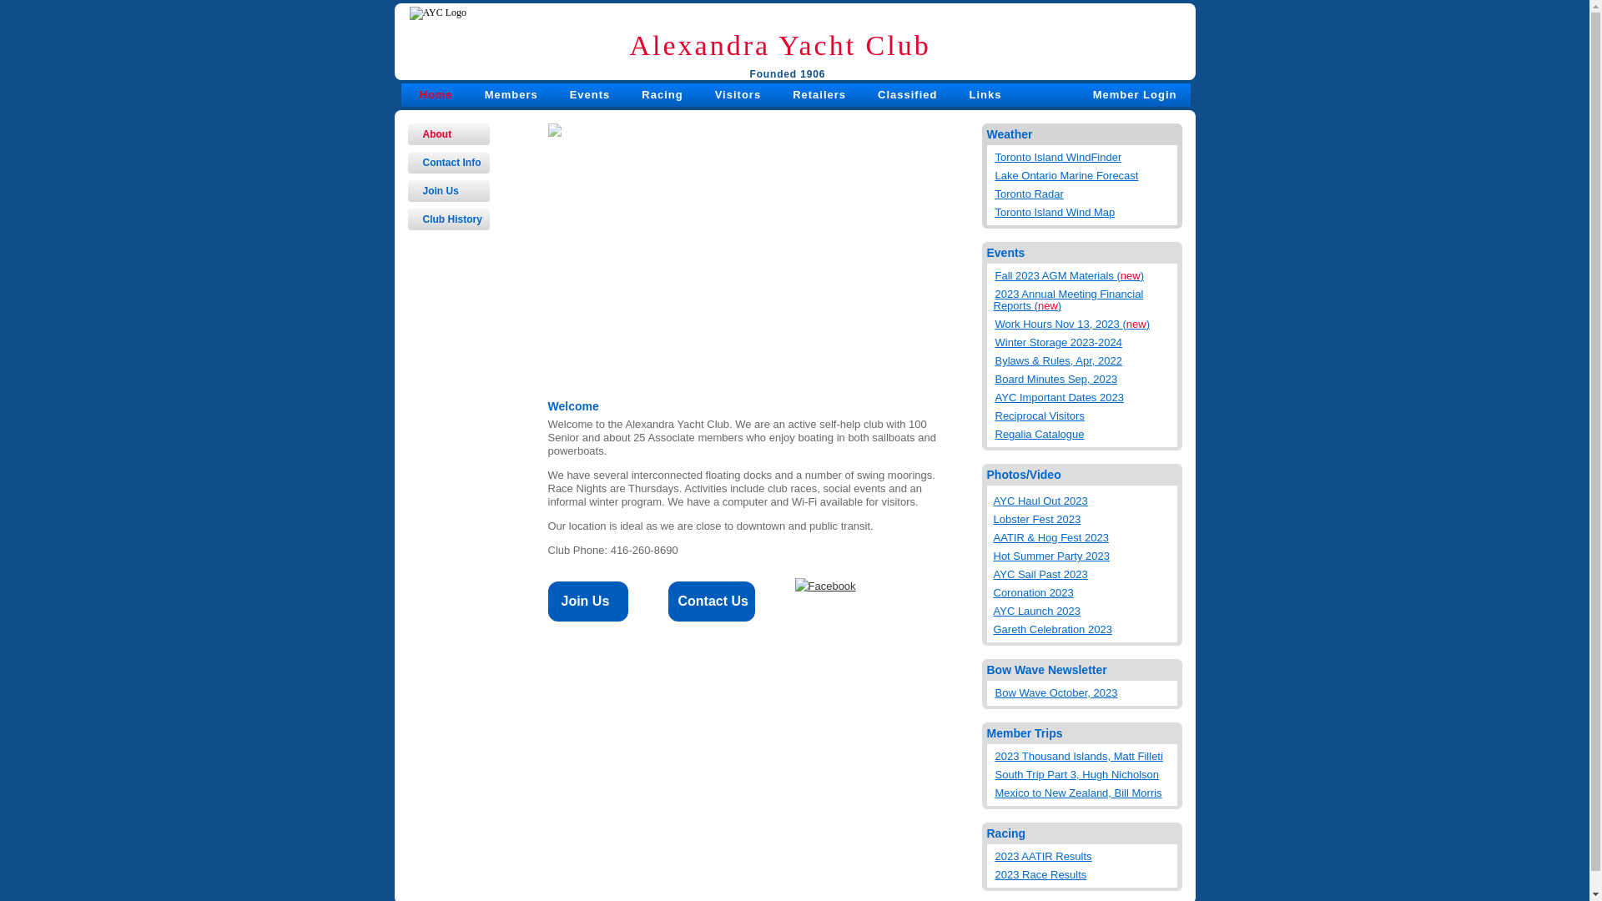  What do you see at coordinates (1135, 94) in the screenshot?
I see `'Member Login'` at bounding box center [1135, 94].